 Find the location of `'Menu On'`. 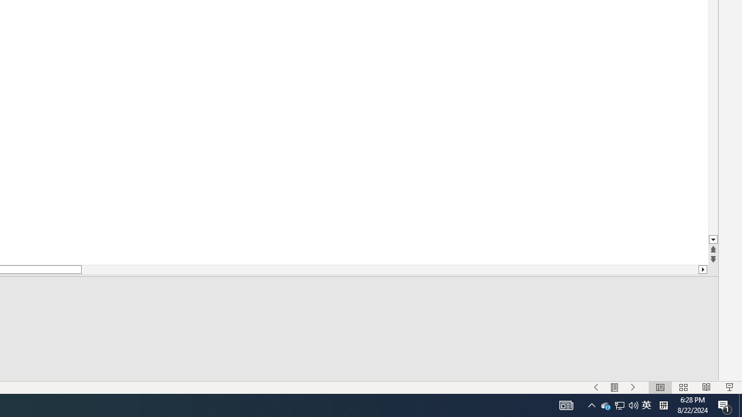

'Menu On' is located at coordinates (605, 404).